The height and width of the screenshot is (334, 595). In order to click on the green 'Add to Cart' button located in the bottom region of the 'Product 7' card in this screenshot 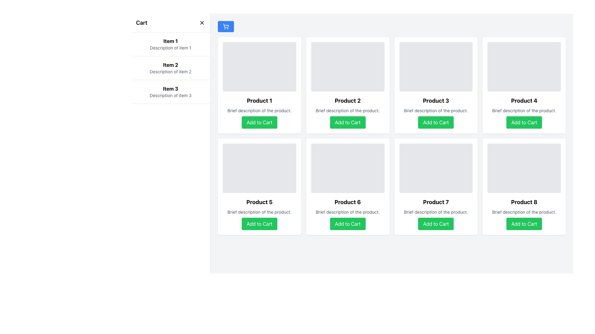, I will do `click(435, 224)`.